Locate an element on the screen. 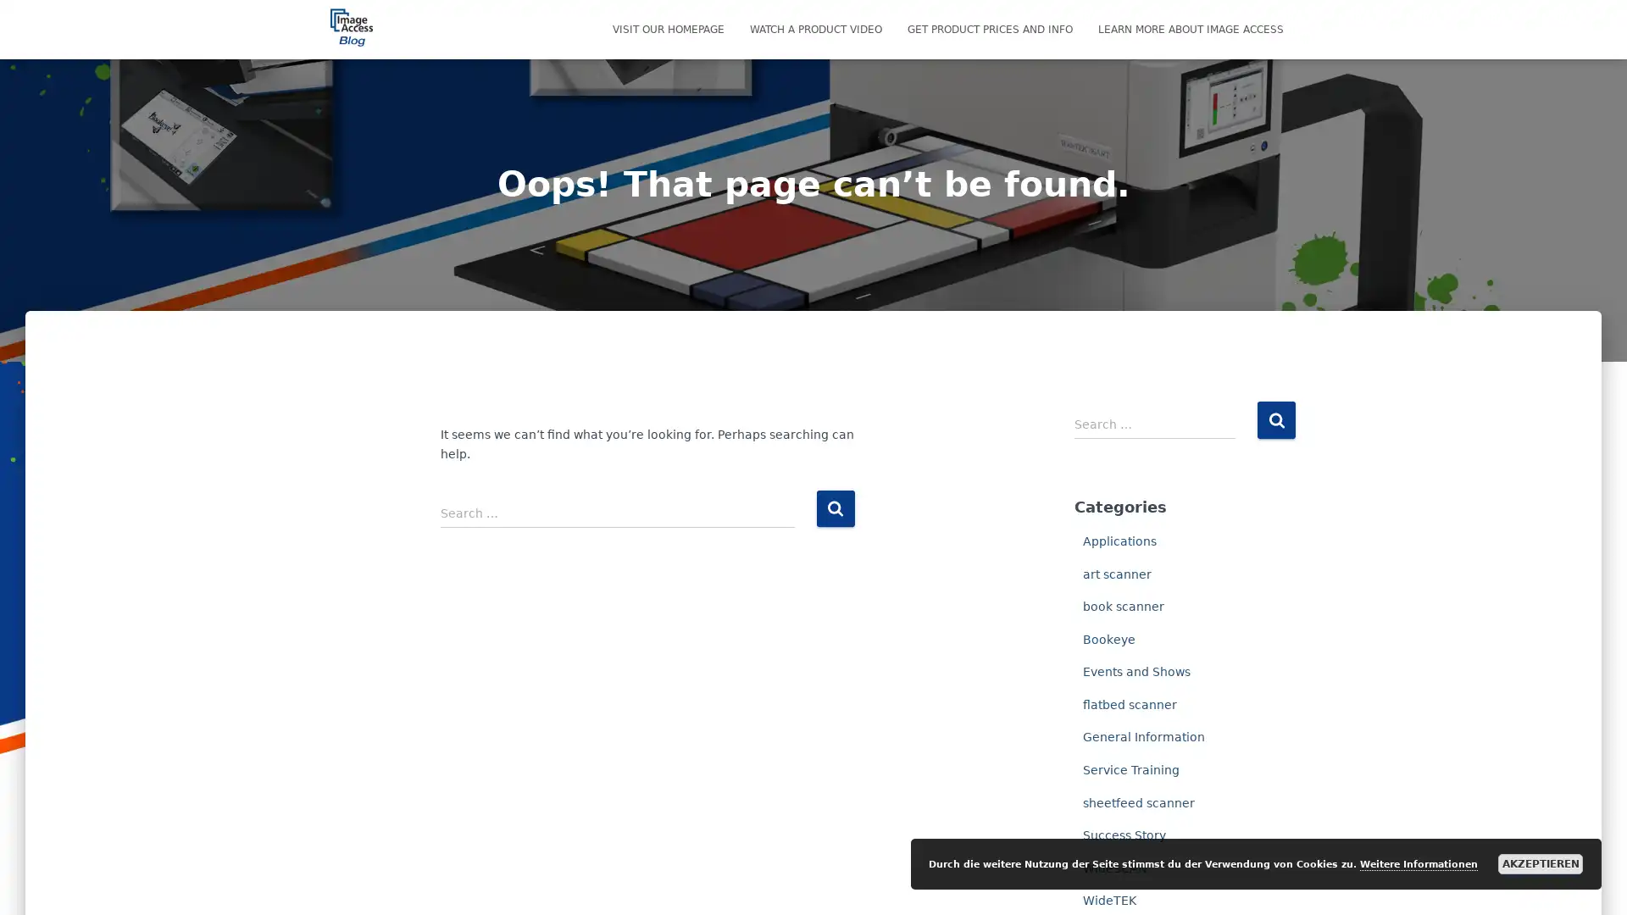 The height and width of the screenshot is (915, 1627). Search is located at coordinates (835, 507).